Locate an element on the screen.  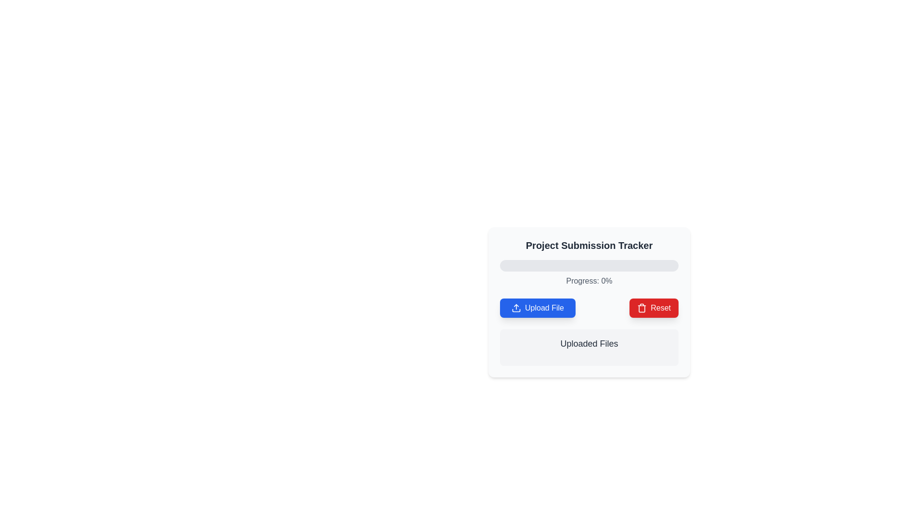
the static text block or section label located below the 'Upload File' and 'Reset' buttons, which indicates the content related to uploaded files is located at coordinates (589, 347).